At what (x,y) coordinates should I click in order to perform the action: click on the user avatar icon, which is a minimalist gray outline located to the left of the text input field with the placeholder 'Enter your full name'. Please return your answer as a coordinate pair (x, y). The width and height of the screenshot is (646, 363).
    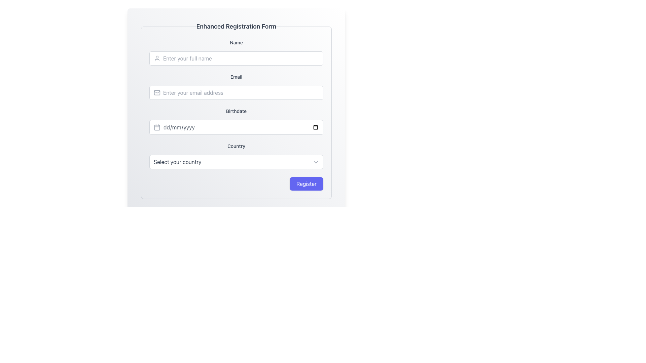
    Looking at the image, I should click on (156, 58).